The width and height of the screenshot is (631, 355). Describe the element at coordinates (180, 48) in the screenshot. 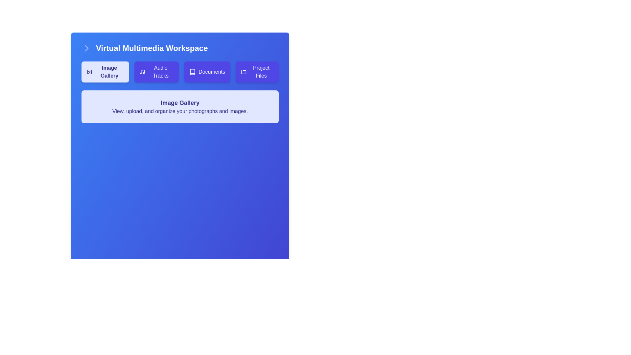

I see `the centrally aligned heading or title at the top of the panel that indicates the section's main focus` at that location.